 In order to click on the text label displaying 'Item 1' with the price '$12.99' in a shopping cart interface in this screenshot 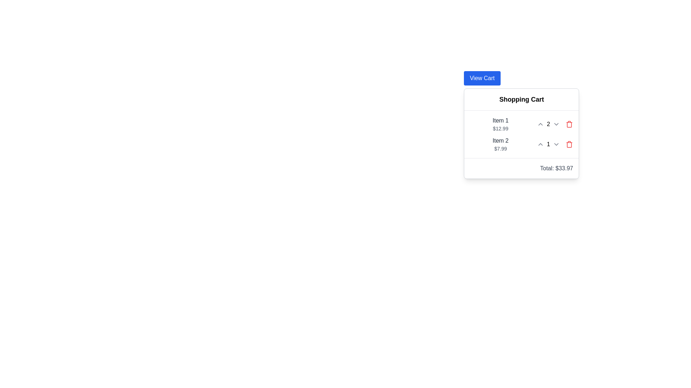, I will do `click(500, 124)`.